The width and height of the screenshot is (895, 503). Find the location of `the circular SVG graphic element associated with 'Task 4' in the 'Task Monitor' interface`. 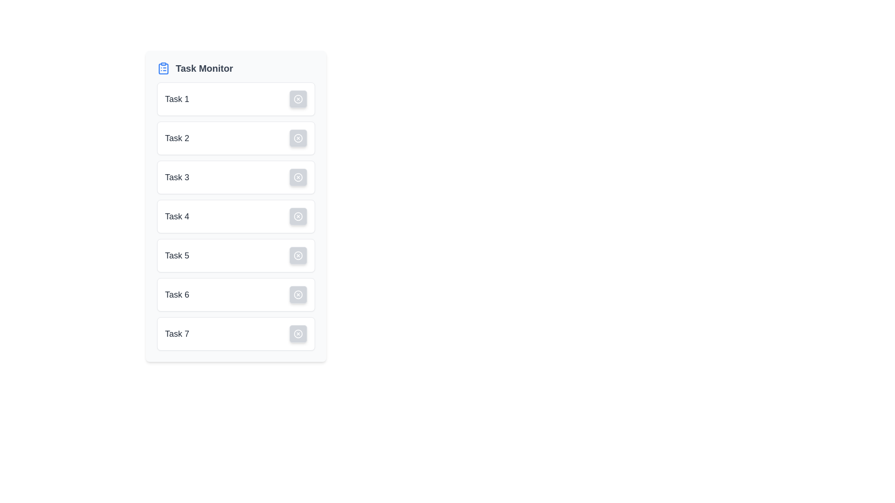

the circular SVG graphic element associated with 'Task 4' in the 'Task Monitor' interface is located at coordinates (297, 217).